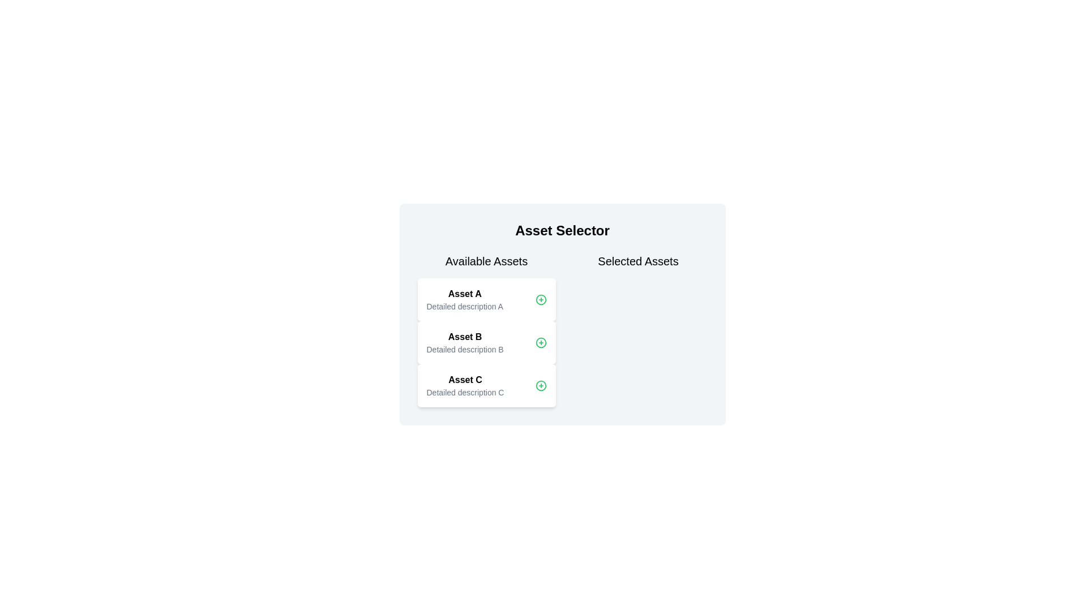 The width and height of the screenshot is (1087, 611). Describe the element at coordinates (562, 230) in the screenshot. I see `the prominent text label reading 'Asset Selector' that is styled with a bold font and located at the top center of its card-like layout` at that location.